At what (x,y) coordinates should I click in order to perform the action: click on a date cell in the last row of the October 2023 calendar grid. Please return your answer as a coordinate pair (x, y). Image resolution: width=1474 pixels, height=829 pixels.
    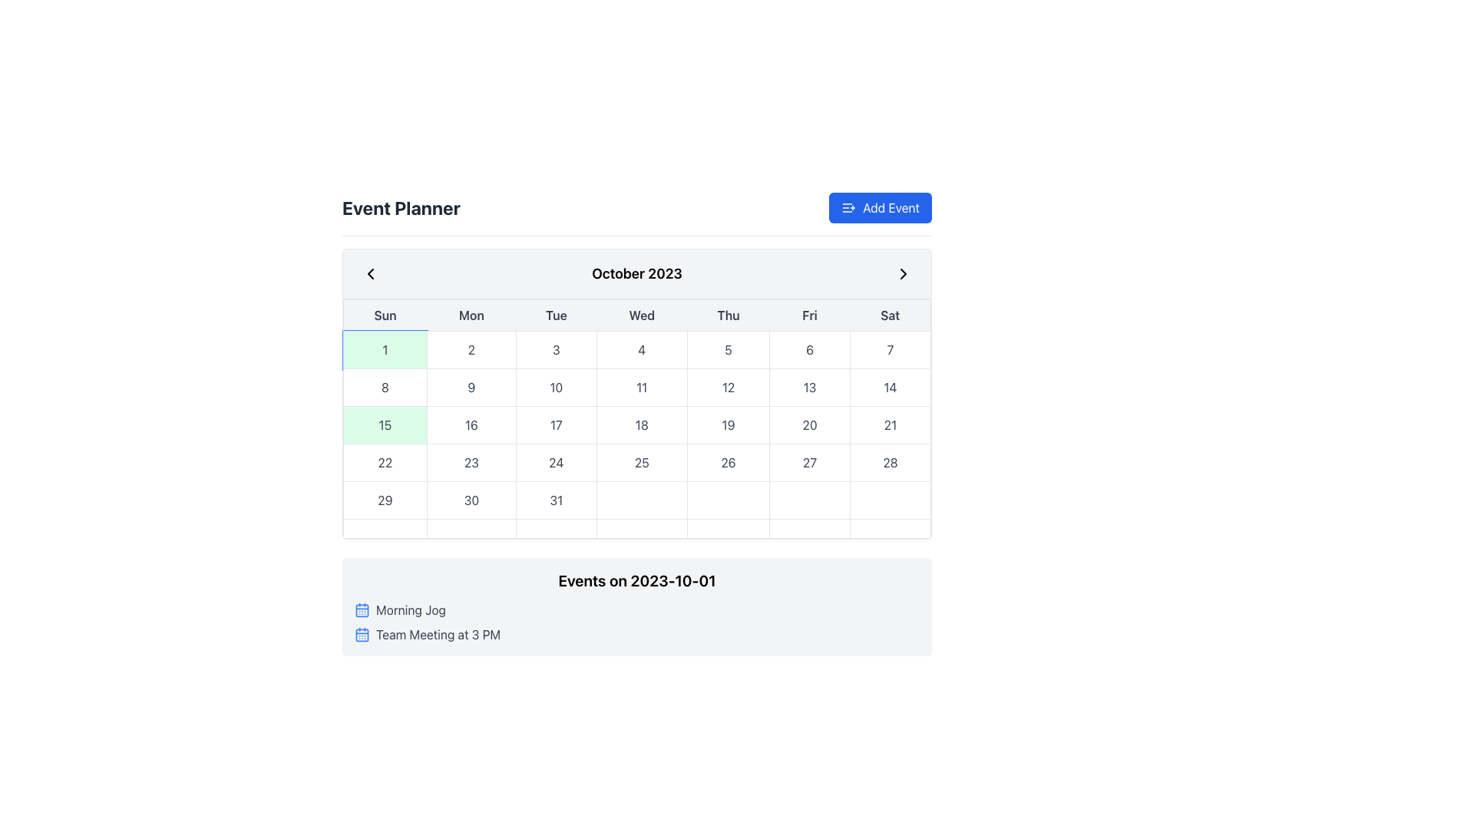
    Looking at the image, I should click on (637, 500).